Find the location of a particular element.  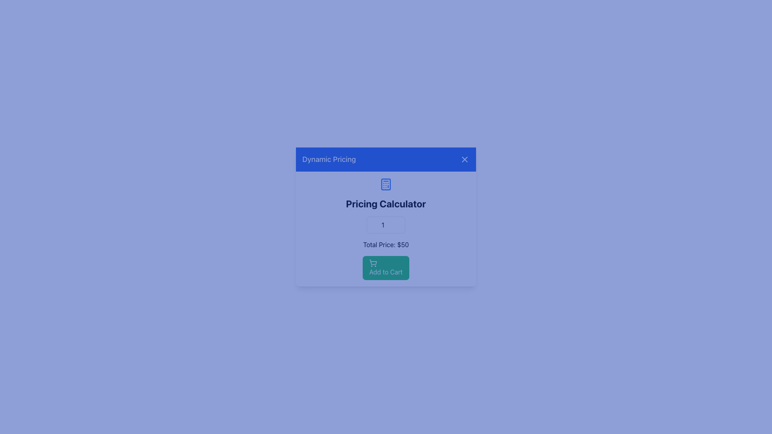

the 'Add to Cart' button located below the text 'Total Price: $50' in the e-commerce interface is located at coordinates (386, 268).